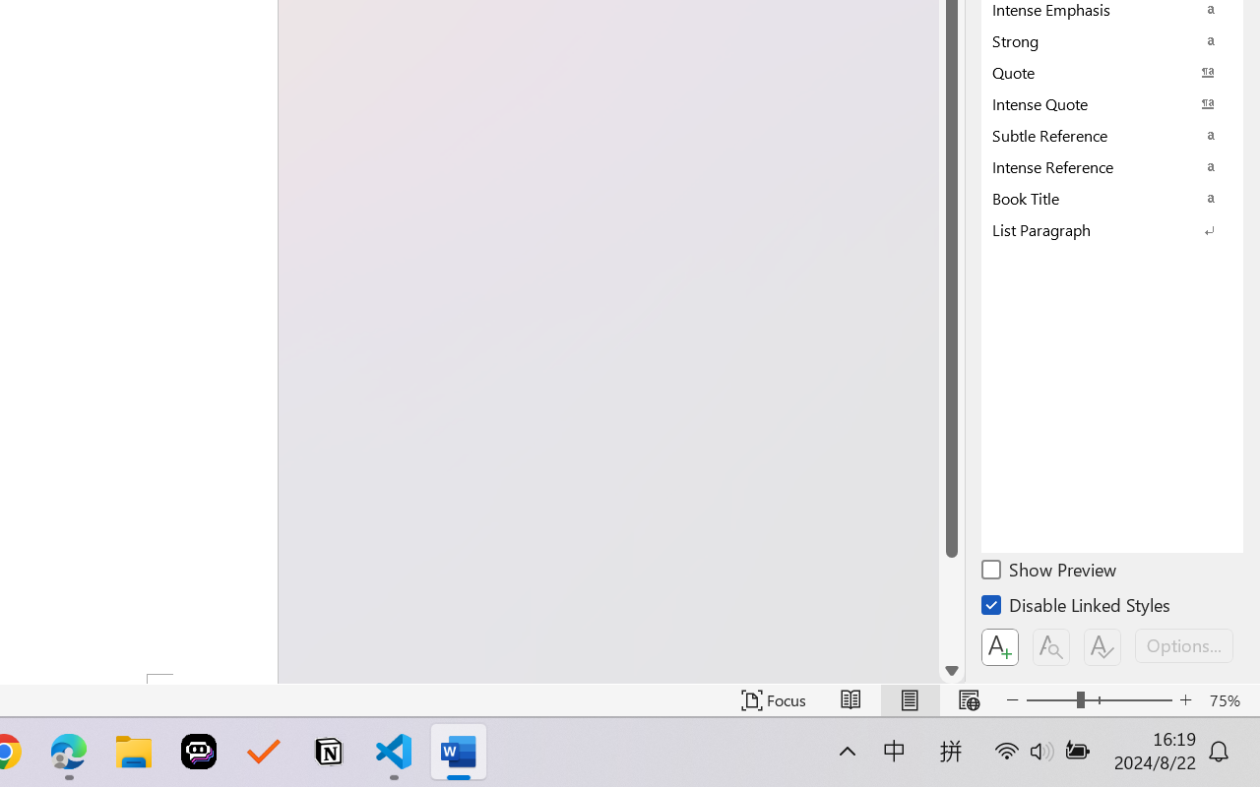 The image size is (1260, 787). Describe the element at coordinates (1112, 198) in the screenshot. I see `'Book Title'` at that location.